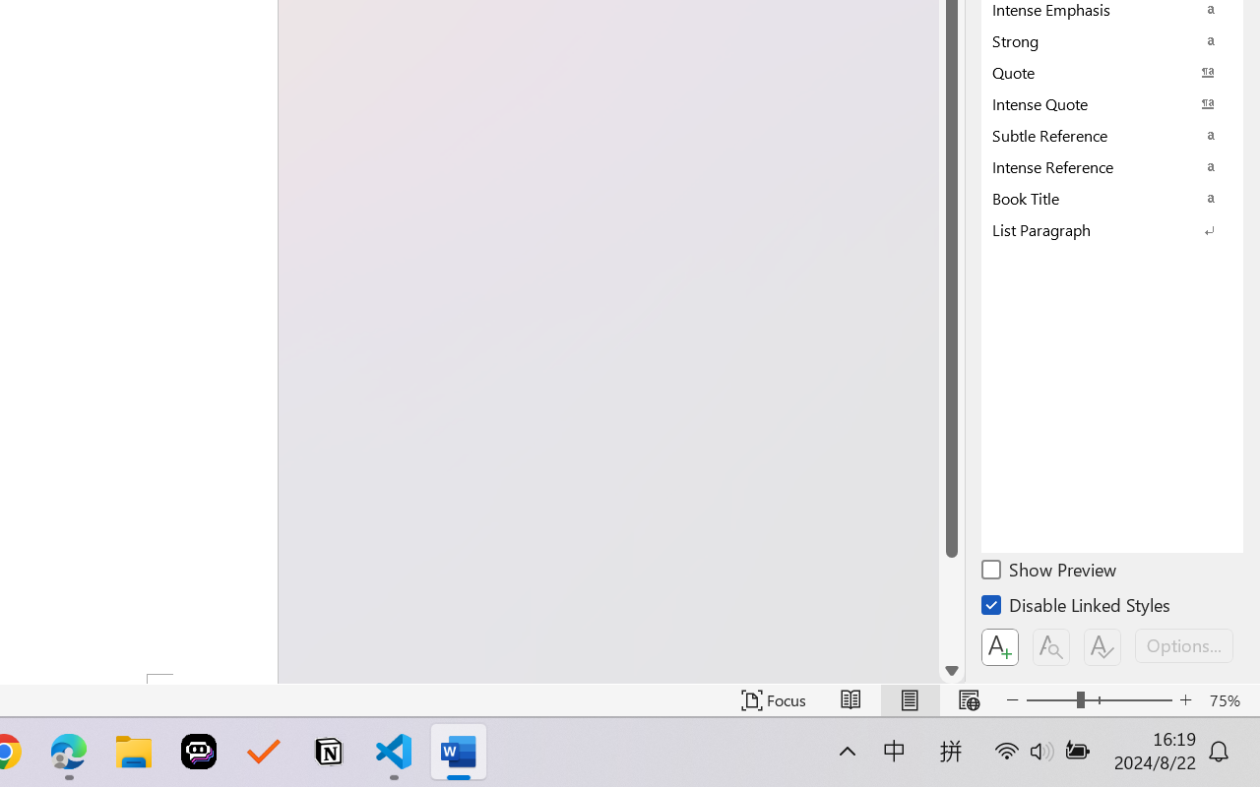 The image size is (1260, 787). Describe the element at coordinates (1112, 198) in the screenshot. I see `'Book Title'` at that location.